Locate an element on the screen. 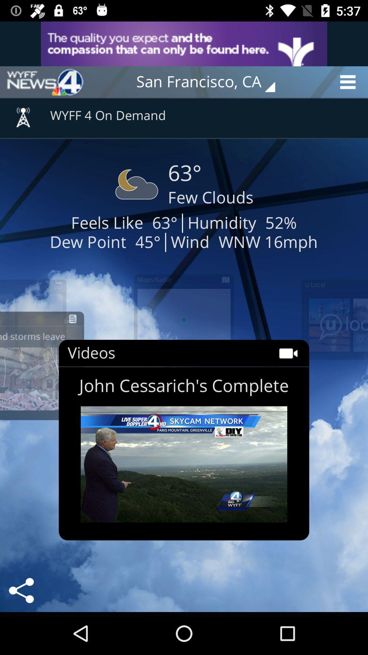 This screenshot has height=655, width=368. the menu icon is located at coordinates (350, 82).